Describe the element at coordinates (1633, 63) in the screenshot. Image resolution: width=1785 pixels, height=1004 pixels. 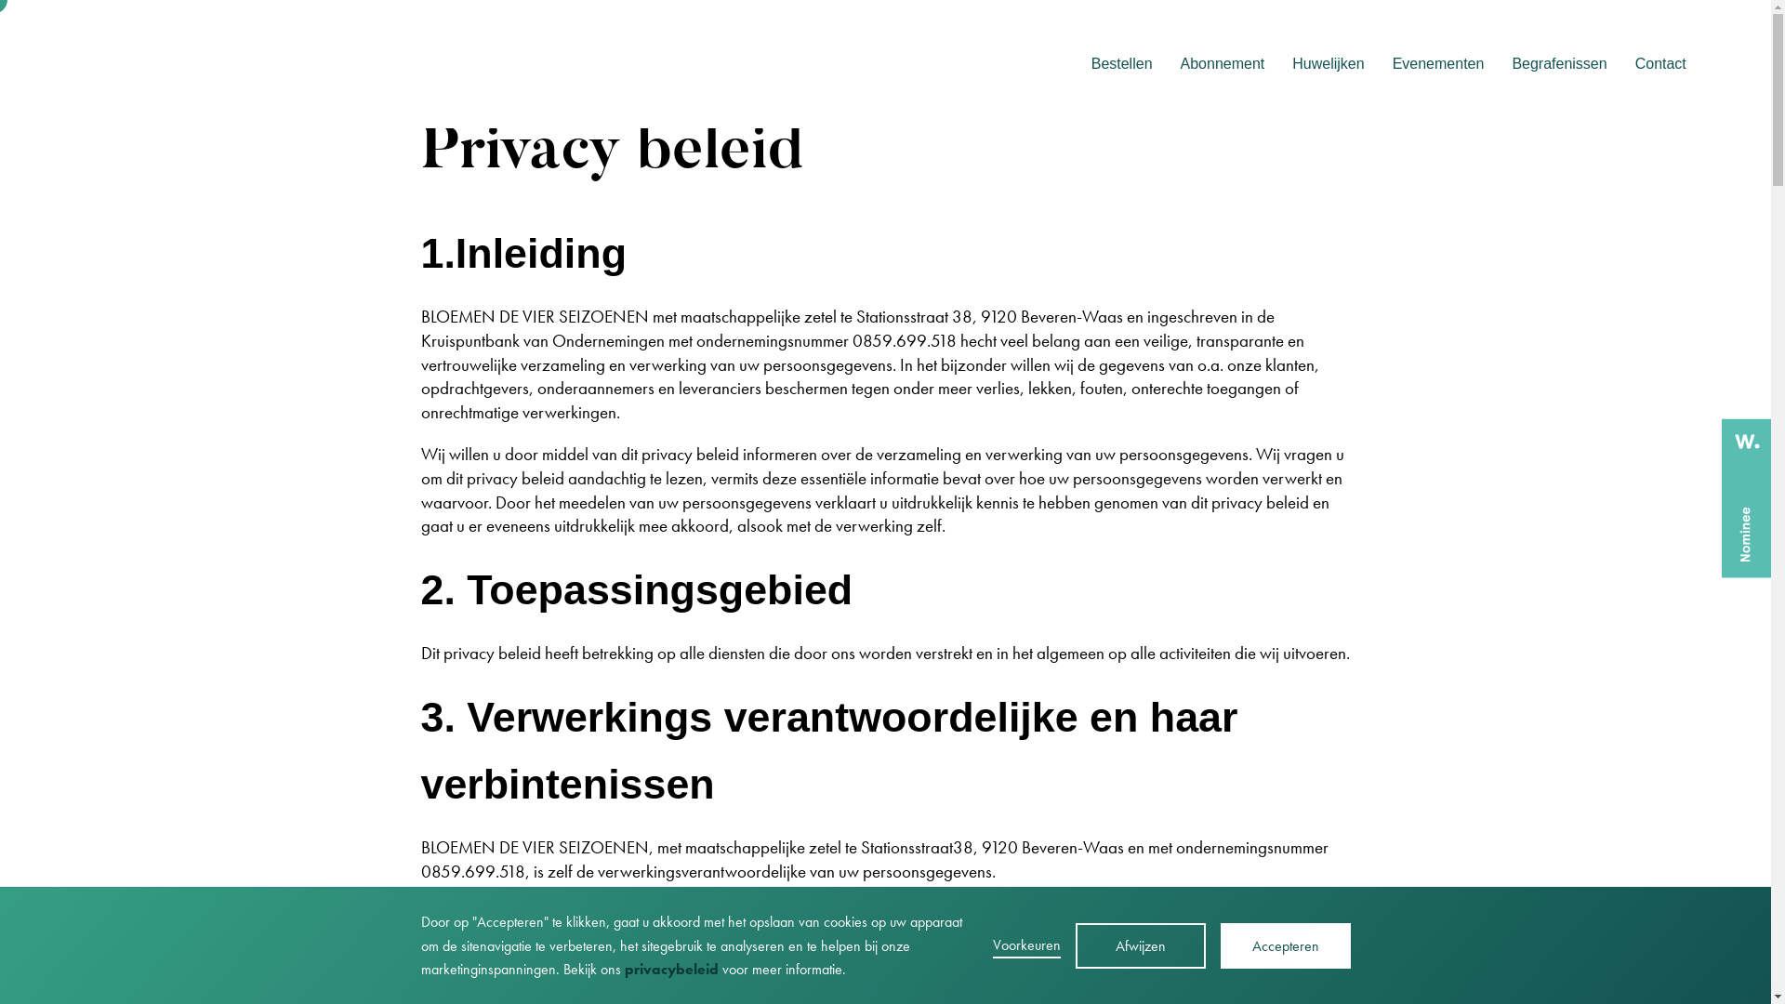
I see `'Contact'` at that location.